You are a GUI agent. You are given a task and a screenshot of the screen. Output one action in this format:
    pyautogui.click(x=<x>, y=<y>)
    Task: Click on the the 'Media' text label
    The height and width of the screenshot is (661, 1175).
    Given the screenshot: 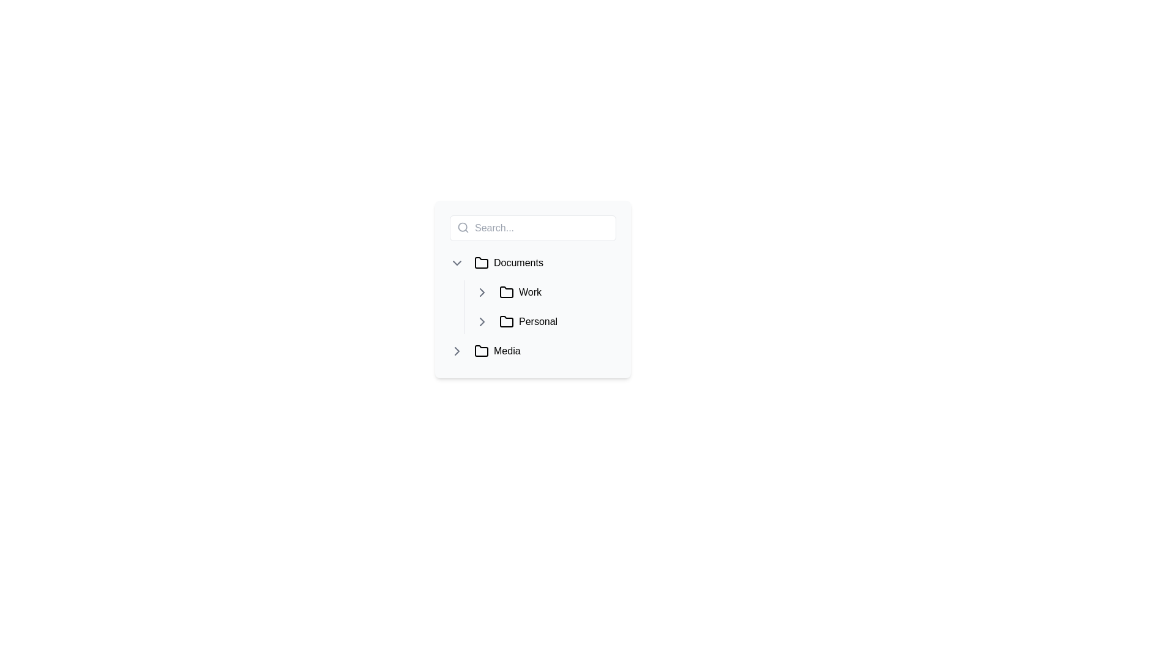 What is the action you would take?
    pyautogui.click(x=507, y=351)
    